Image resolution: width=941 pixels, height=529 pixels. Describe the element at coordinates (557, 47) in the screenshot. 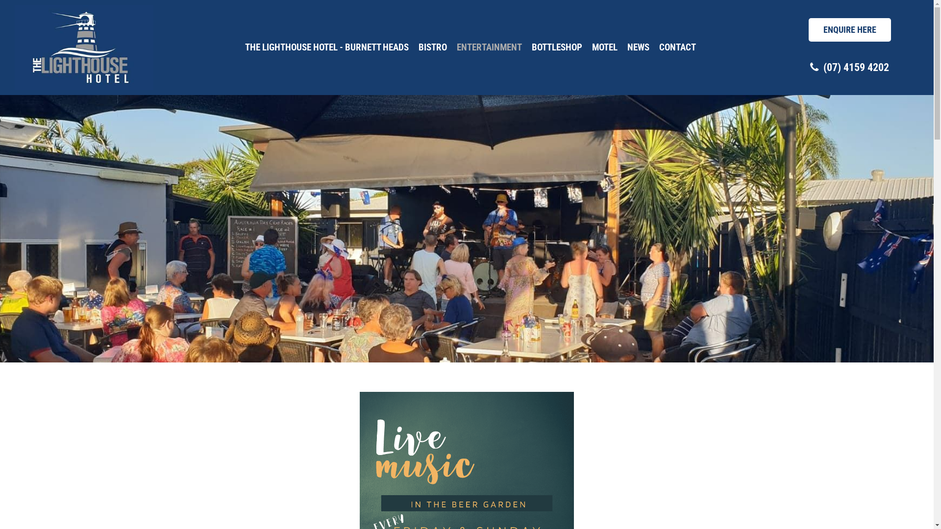

I see `'BOTTLESHOP'` at that location.